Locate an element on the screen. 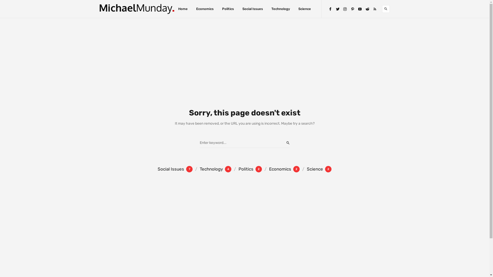 The height and width of the screenshot is (277, 493). 'Instagram' is located at coordinates (345, 9).